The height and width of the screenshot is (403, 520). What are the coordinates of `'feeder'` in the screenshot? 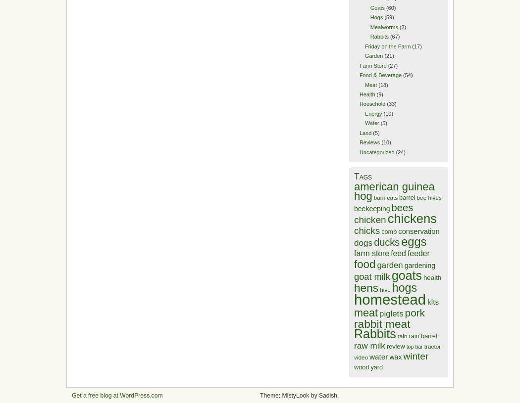 It's located at (418, 253).